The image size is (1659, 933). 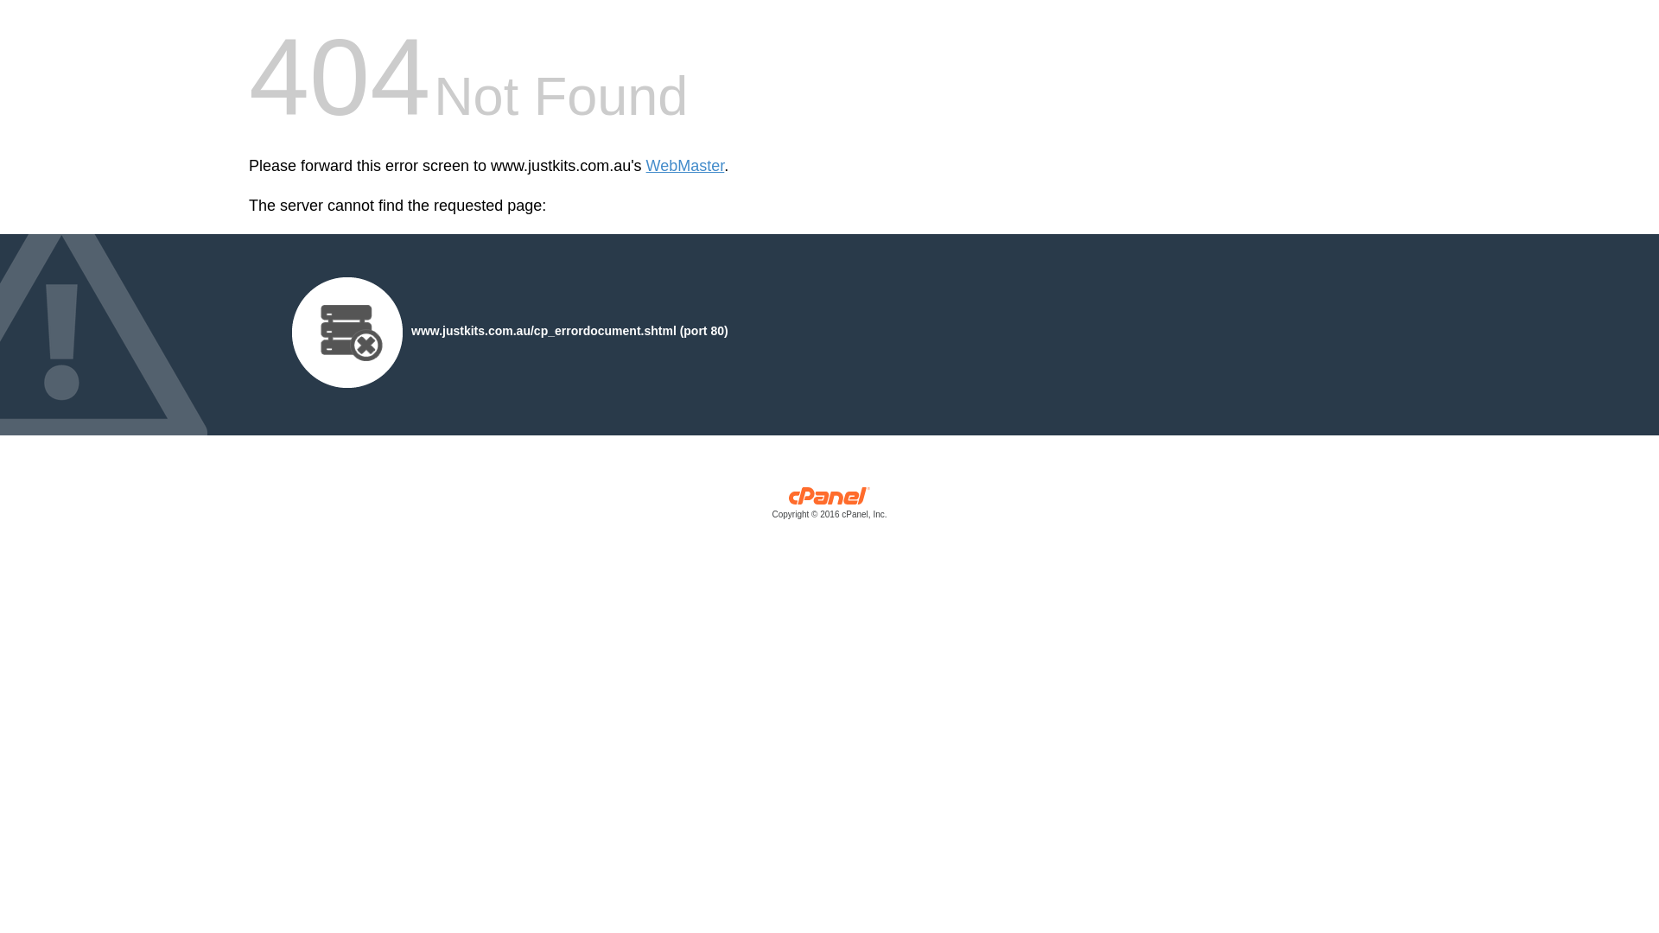 What do you see at coordinates (684, 166) in the screenshot?
I see `'WebMaster'` at bounding box center [684, 166].